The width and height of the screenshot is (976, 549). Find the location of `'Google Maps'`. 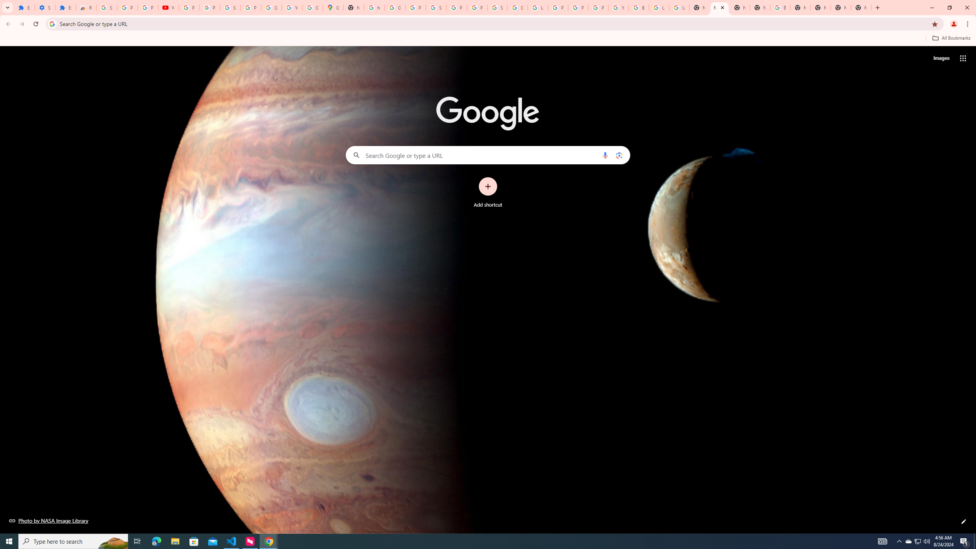

'Google Maps' is located at coordinates (332, 7).